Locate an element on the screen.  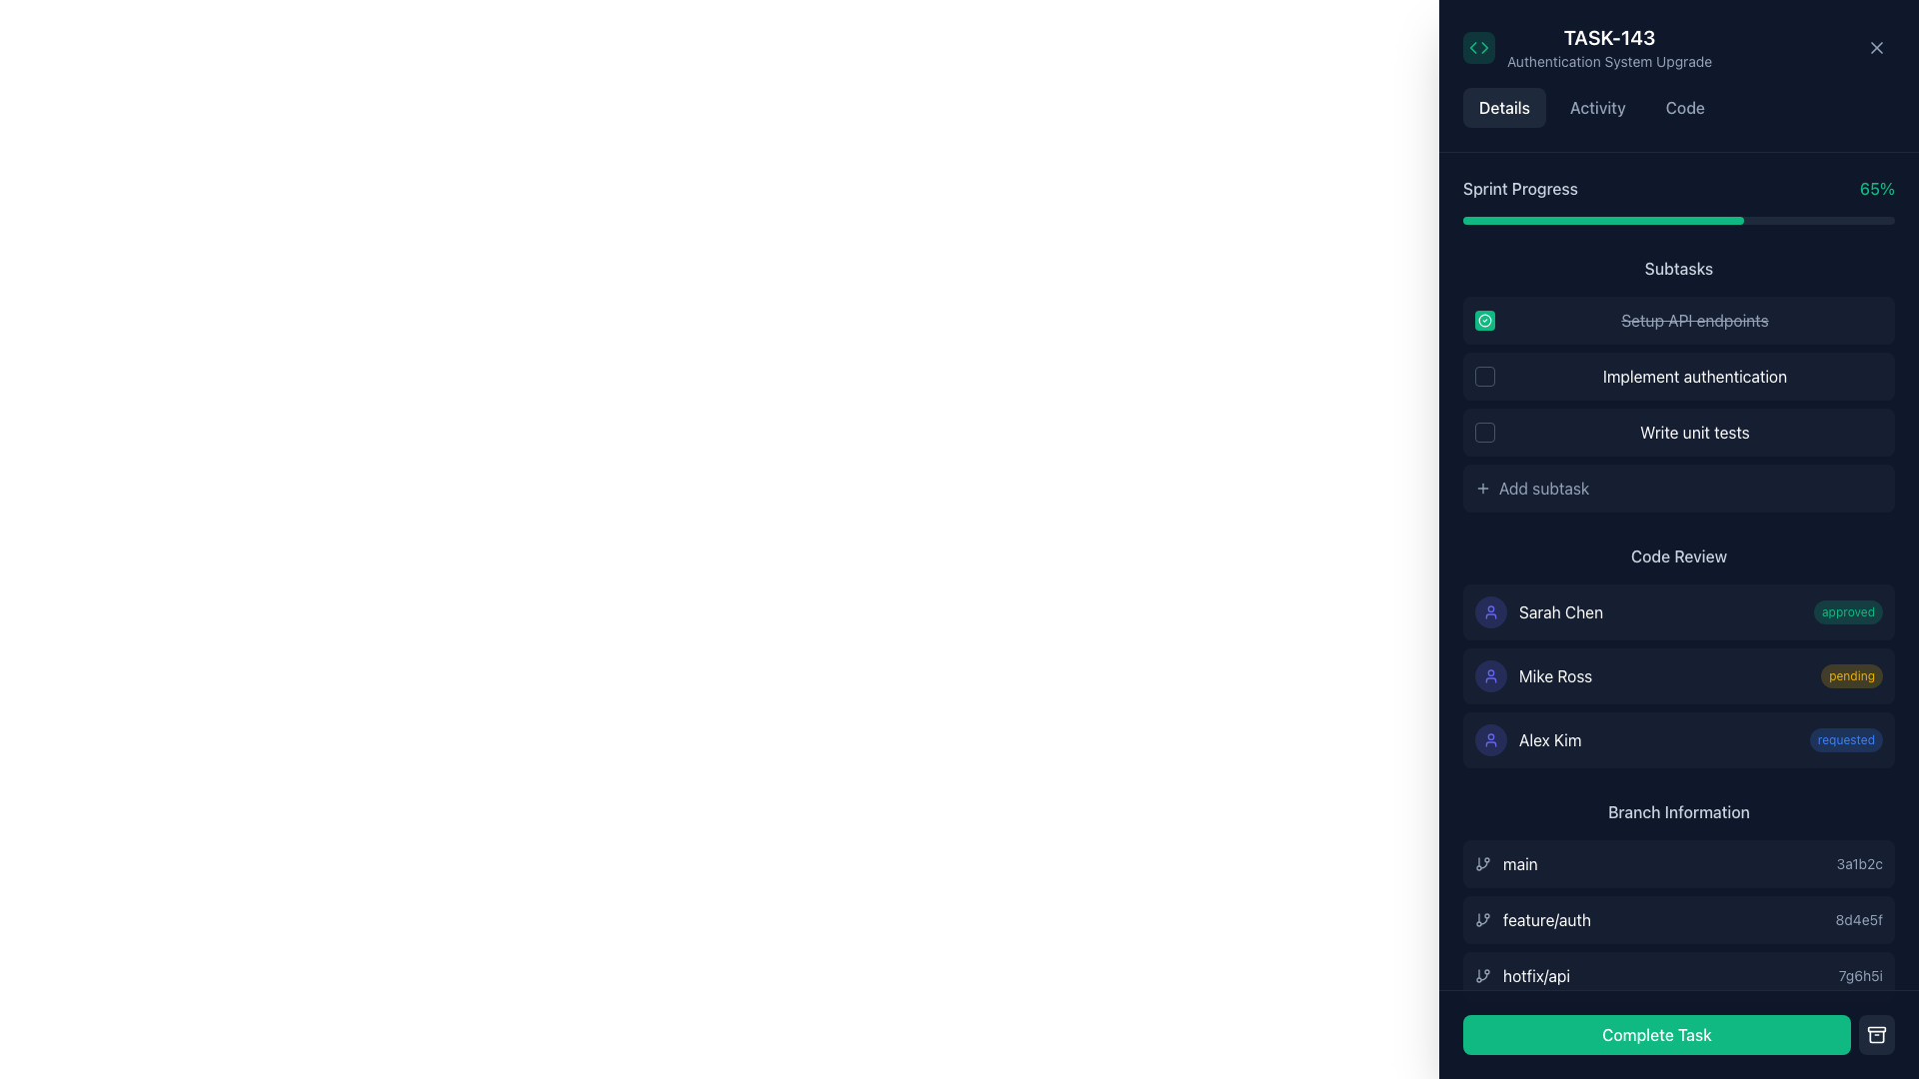
the non-interactive status badge indicating 'pending' for the task associated with Mike Ross in the 'Code Review' section is located at coordinates (1850, 675).